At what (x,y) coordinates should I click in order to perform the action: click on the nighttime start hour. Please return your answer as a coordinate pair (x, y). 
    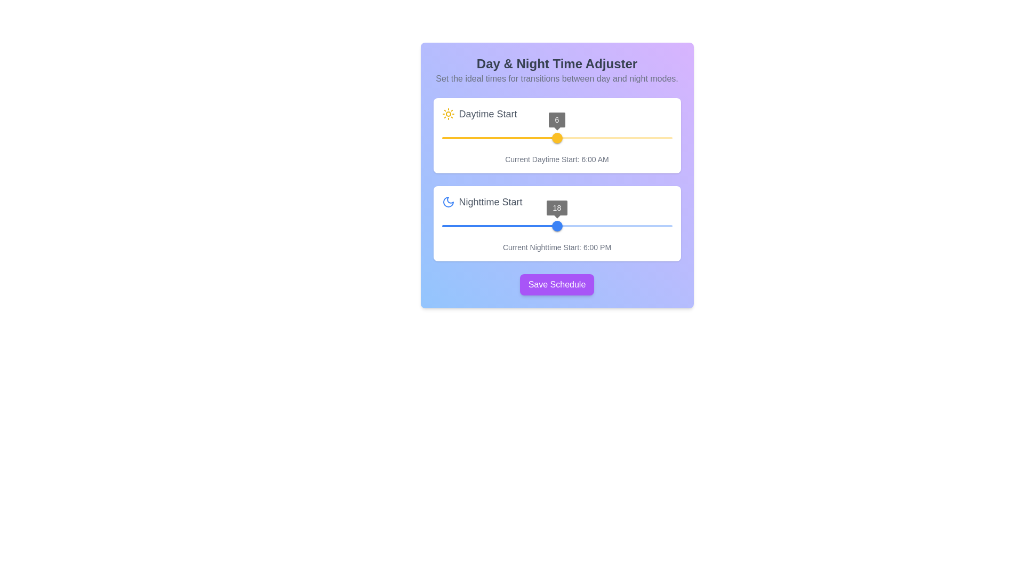
    Looking at the image, I should click on (551, 213).